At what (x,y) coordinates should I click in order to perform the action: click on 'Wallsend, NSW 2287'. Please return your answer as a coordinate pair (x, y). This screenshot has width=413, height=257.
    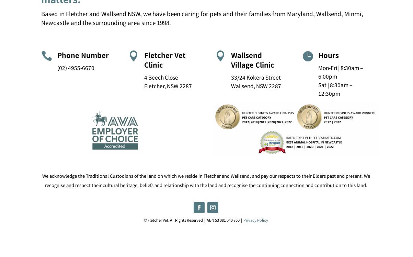
    Looking at the image, I should click on (255, 85).